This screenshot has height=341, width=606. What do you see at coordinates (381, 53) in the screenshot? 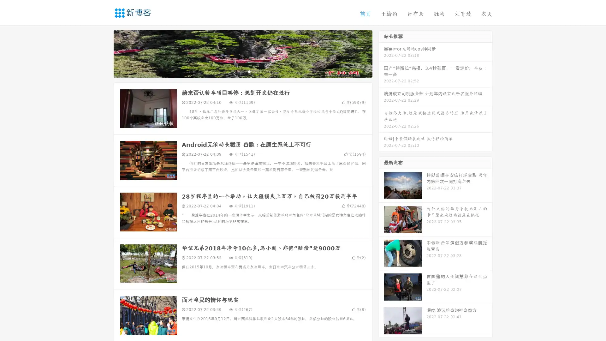
I see `Next slide` at bounding box center [381, 53].